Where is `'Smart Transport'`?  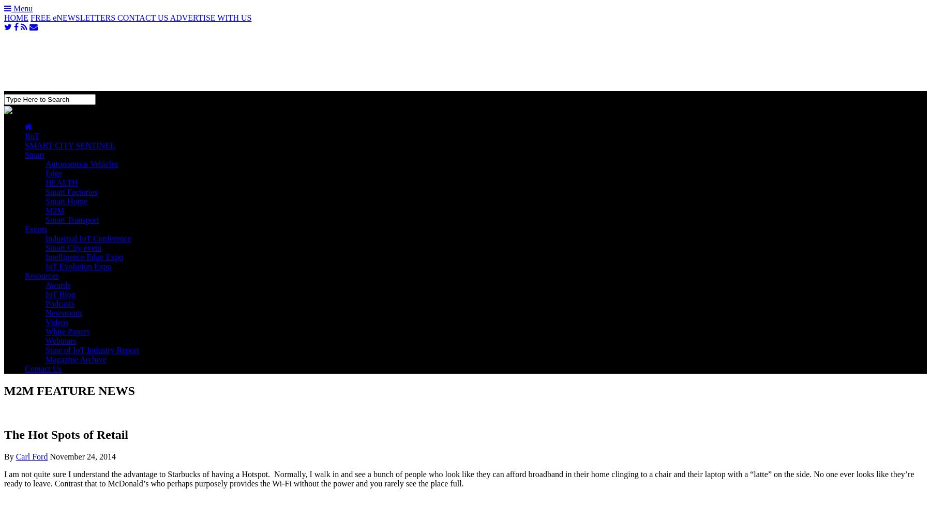 'Smart Transport' is located at coordinates (72, 219).